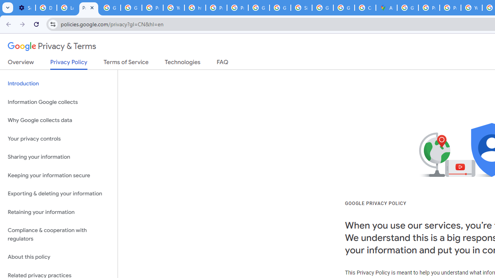 The width and height of the screenshot is (495, 278). What do you see at coordinates (428, 8) in the screenshot?
I see `'Privacy Help Center - Policies Help'` at bounding box center [428, 8].